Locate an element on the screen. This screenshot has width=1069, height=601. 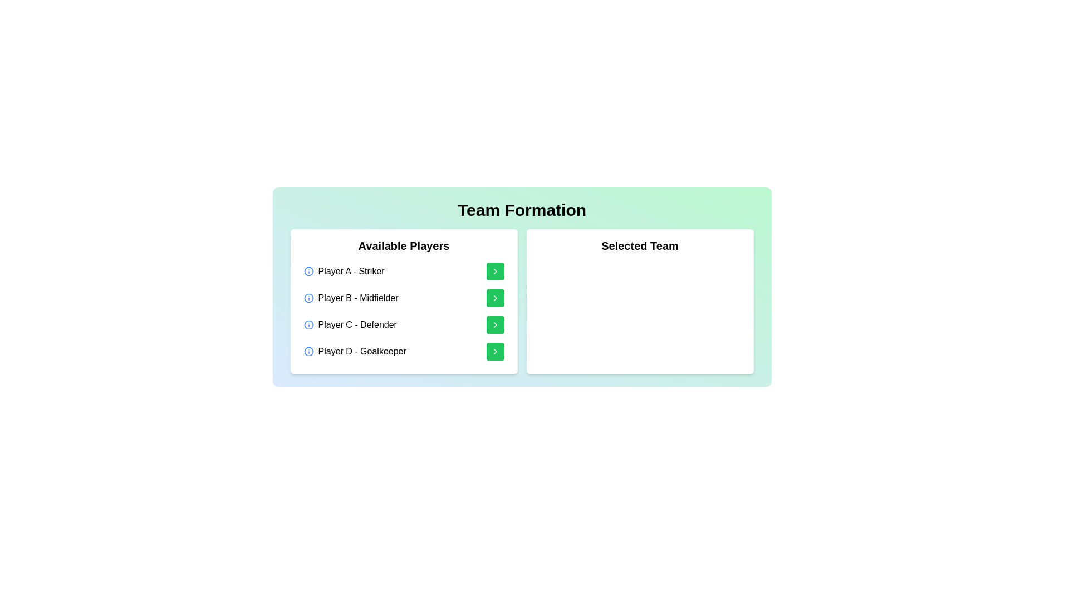
the information icon next to the player's name to view details about their position and specialty is located at coordinates (308, 272).